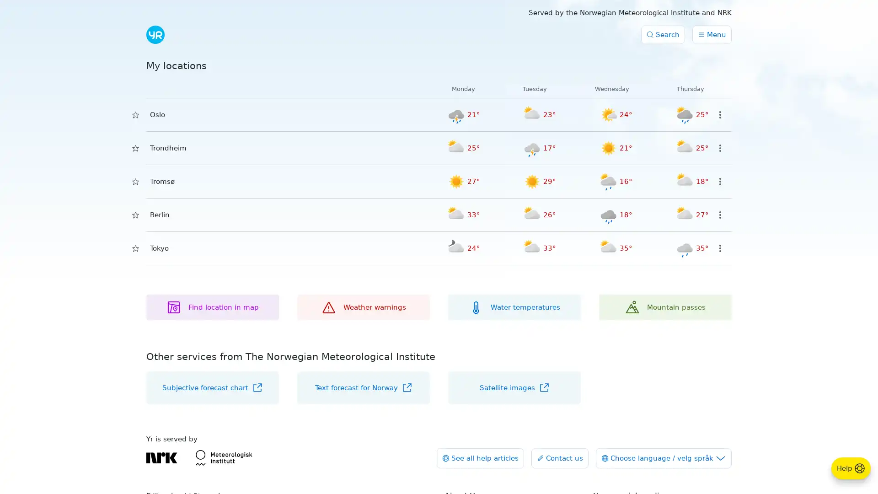 This screenshot has width=878, height=494. What do you see at coordinates (711, 34) in the screenshot?
I see `Menu` at bounding box center [711, 34].